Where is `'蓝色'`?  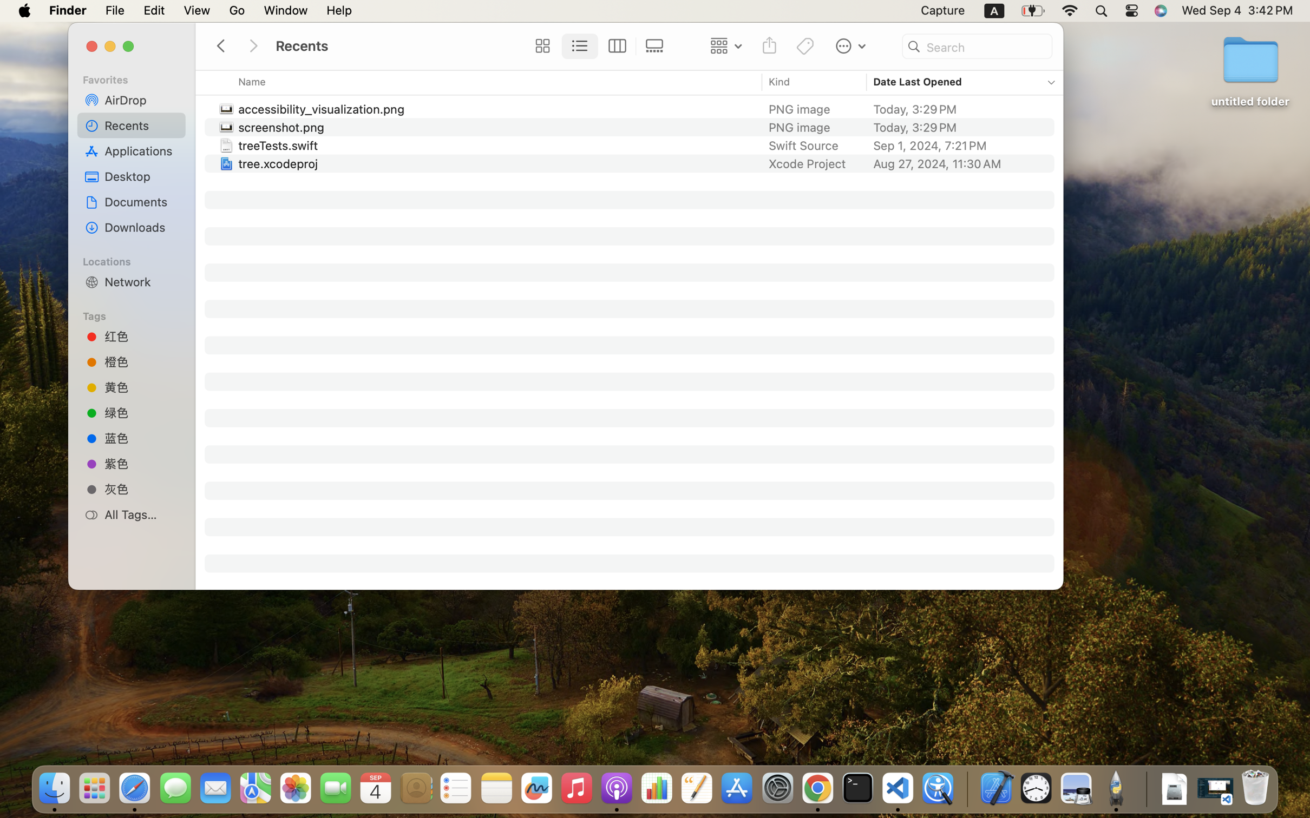 '蓝色' is located at coordinates (141, 438).